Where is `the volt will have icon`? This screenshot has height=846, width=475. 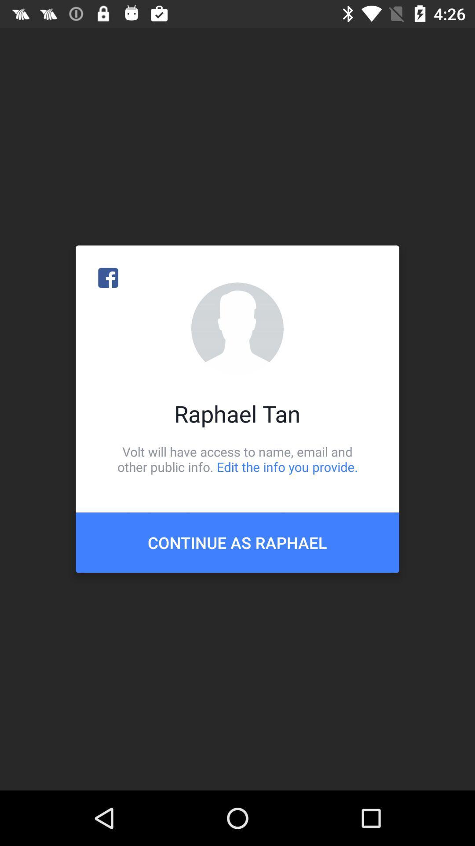 the volt will have icon is located at coordinates (237, 459).